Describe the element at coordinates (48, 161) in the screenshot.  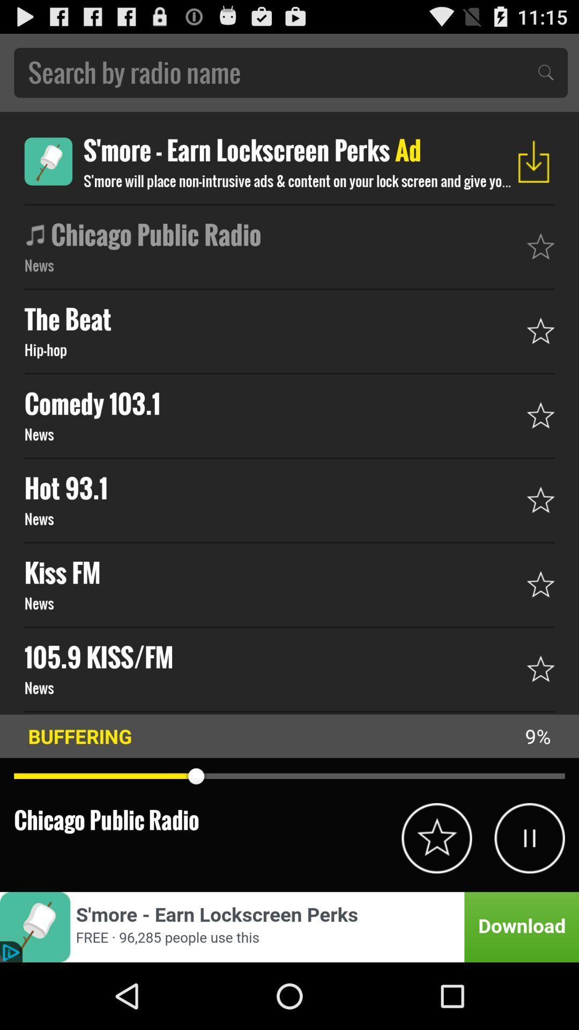
I see `advertisement` at that location.